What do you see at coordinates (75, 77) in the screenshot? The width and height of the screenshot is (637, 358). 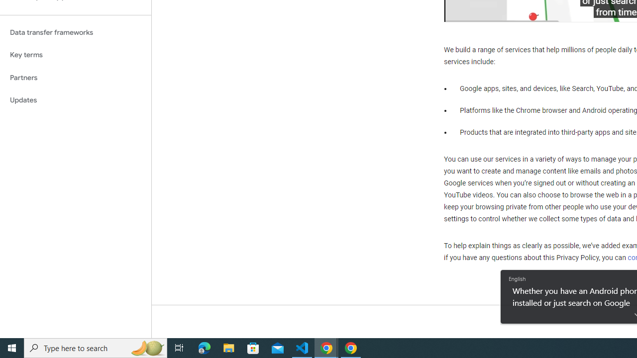 I see `'Partners'` at bounding box center [75, 77].